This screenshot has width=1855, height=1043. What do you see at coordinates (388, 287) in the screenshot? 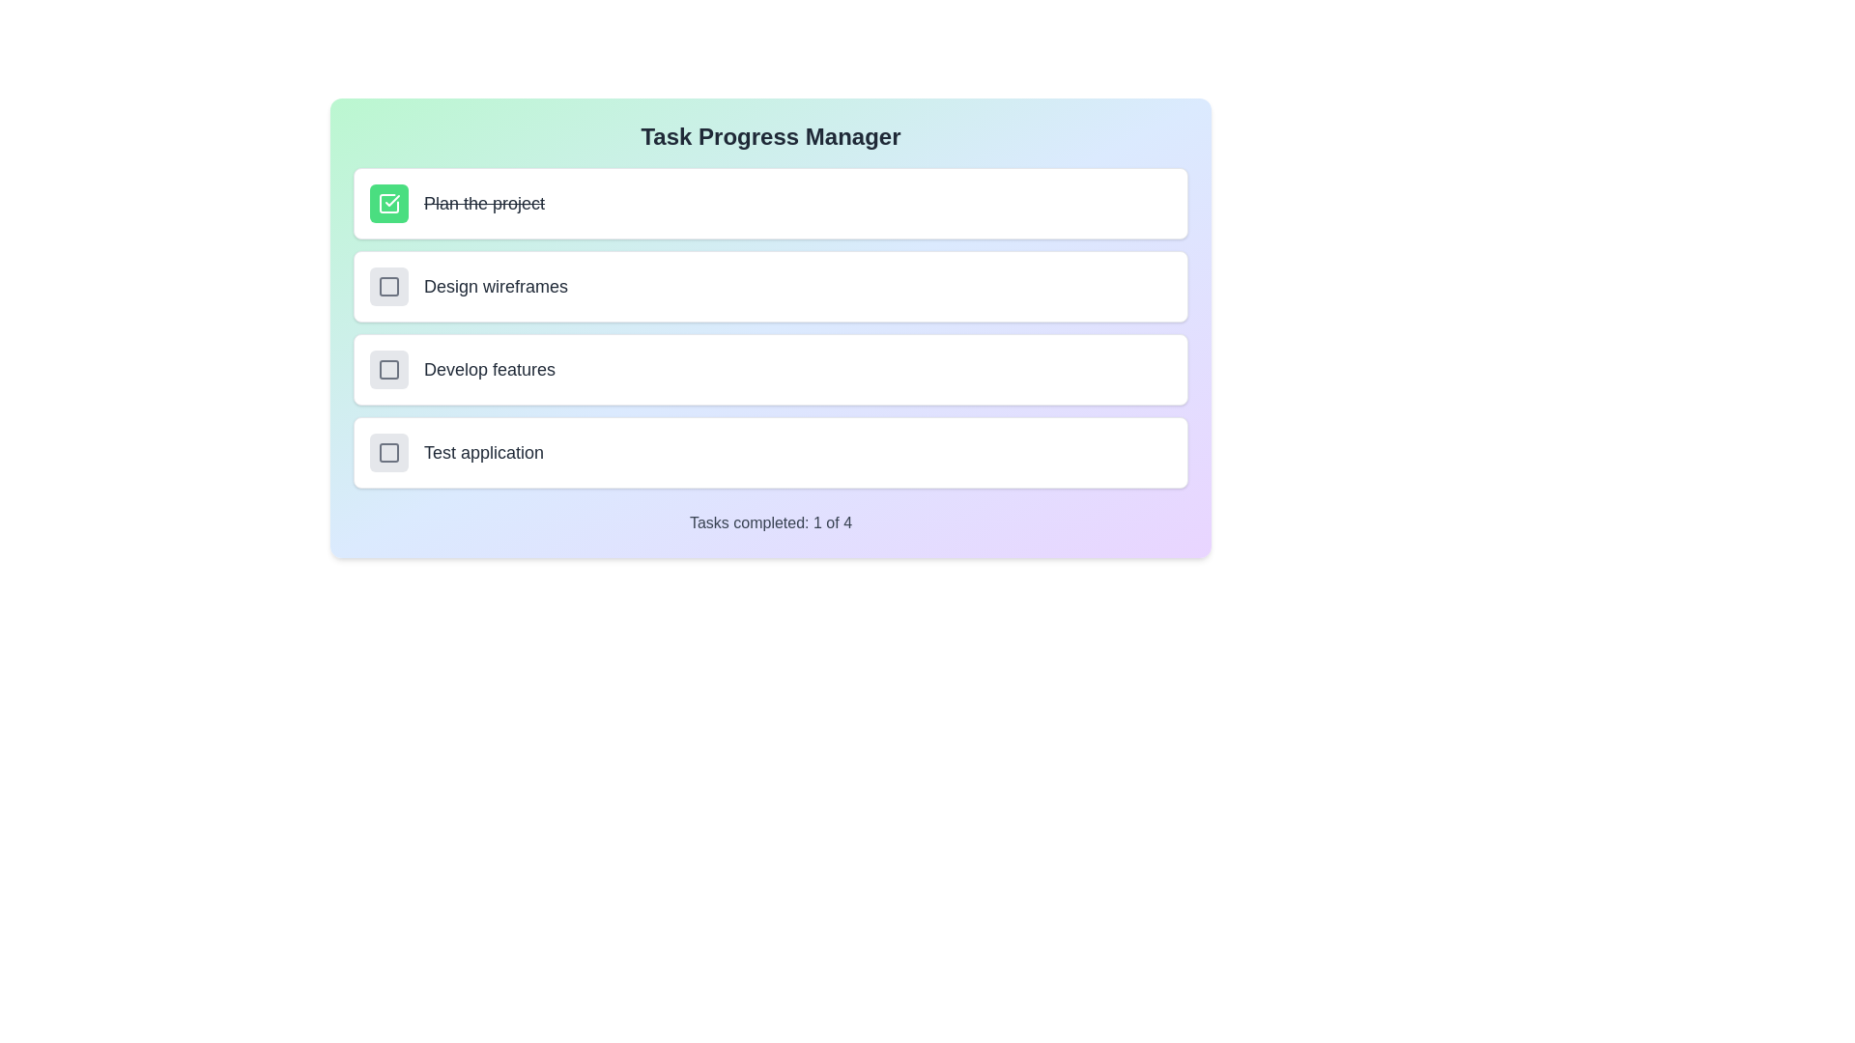
I see `the checkbox in the Task Progress Manager interface that represents the state of a task, located in the second row, between the checkboxes for 'Plan the project' and 'Develop features.'` at bounding box center [388, 287].